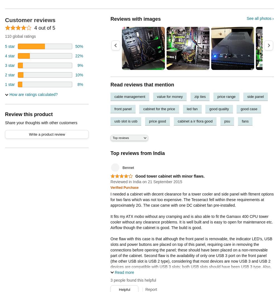 This screenshot has height=292, width=279. What do you see at coordinates (259, 18) in the screenshot?
I see `'See all photos'` at bounding box center [259, 18].